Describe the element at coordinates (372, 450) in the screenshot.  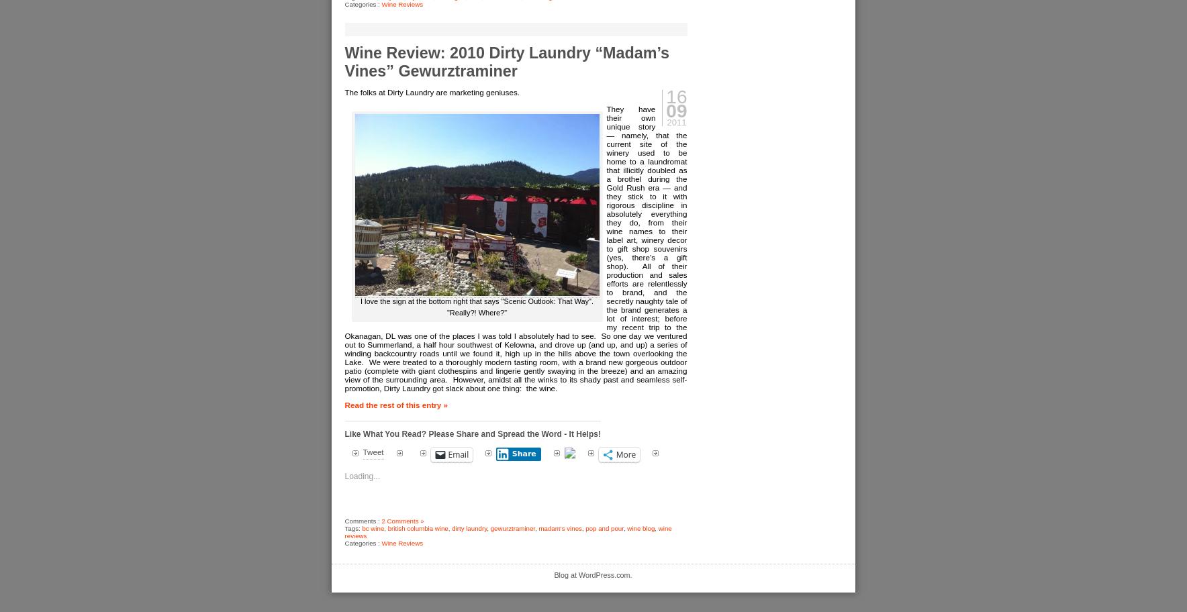
I see `'Tweet'` at that location.